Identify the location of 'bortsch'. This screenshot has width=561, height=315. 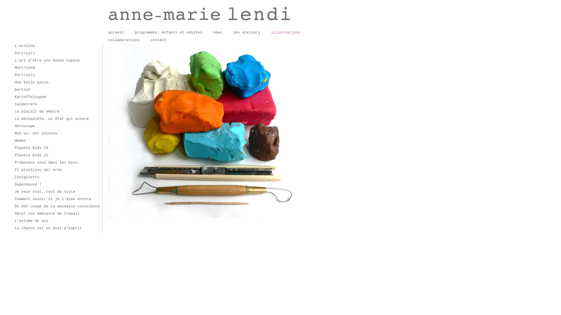
(22, 90).